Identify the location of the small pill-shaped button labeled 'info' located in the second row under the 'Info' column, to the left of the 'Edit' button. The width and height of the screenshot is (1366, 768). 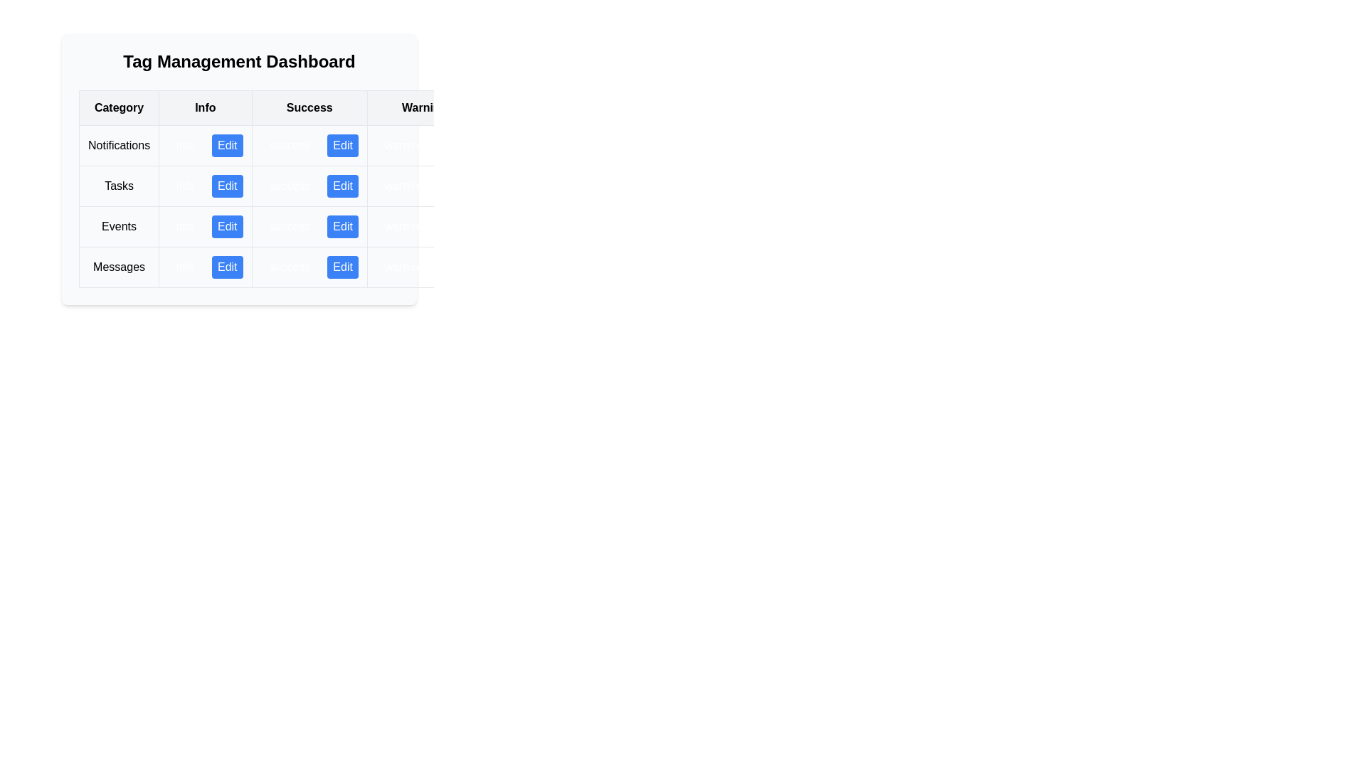
(185, 186).